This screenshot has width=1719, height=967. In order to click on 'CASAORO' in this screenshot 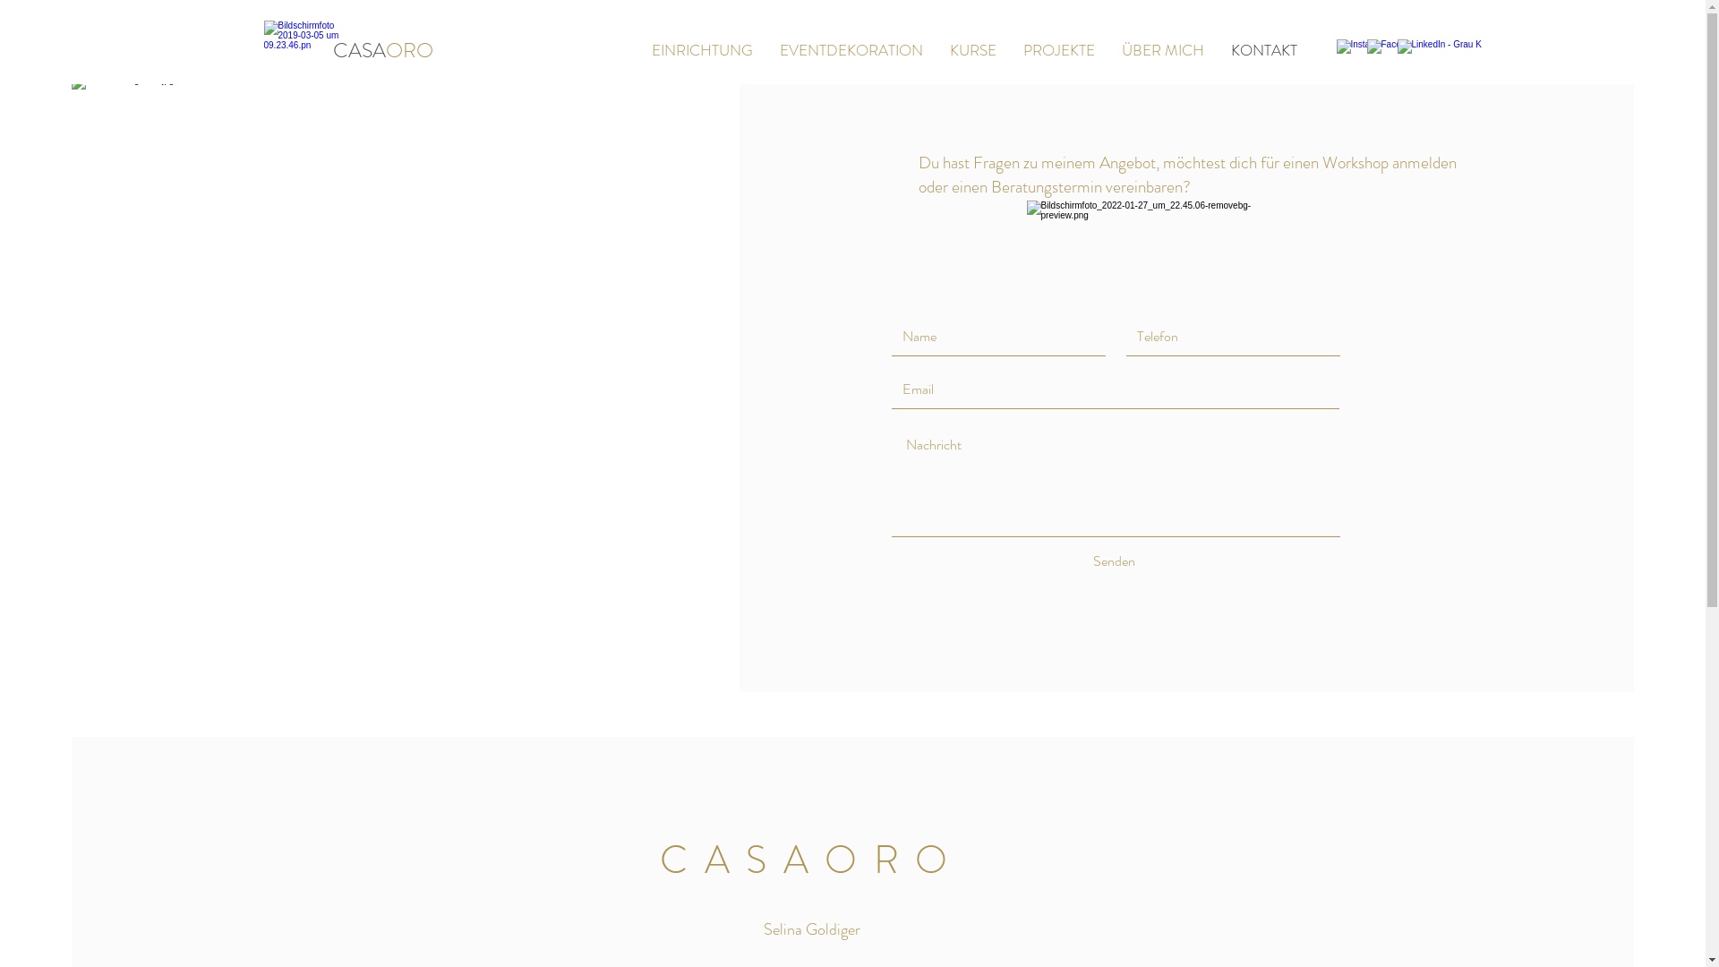, I will do `click(381, 49)`.